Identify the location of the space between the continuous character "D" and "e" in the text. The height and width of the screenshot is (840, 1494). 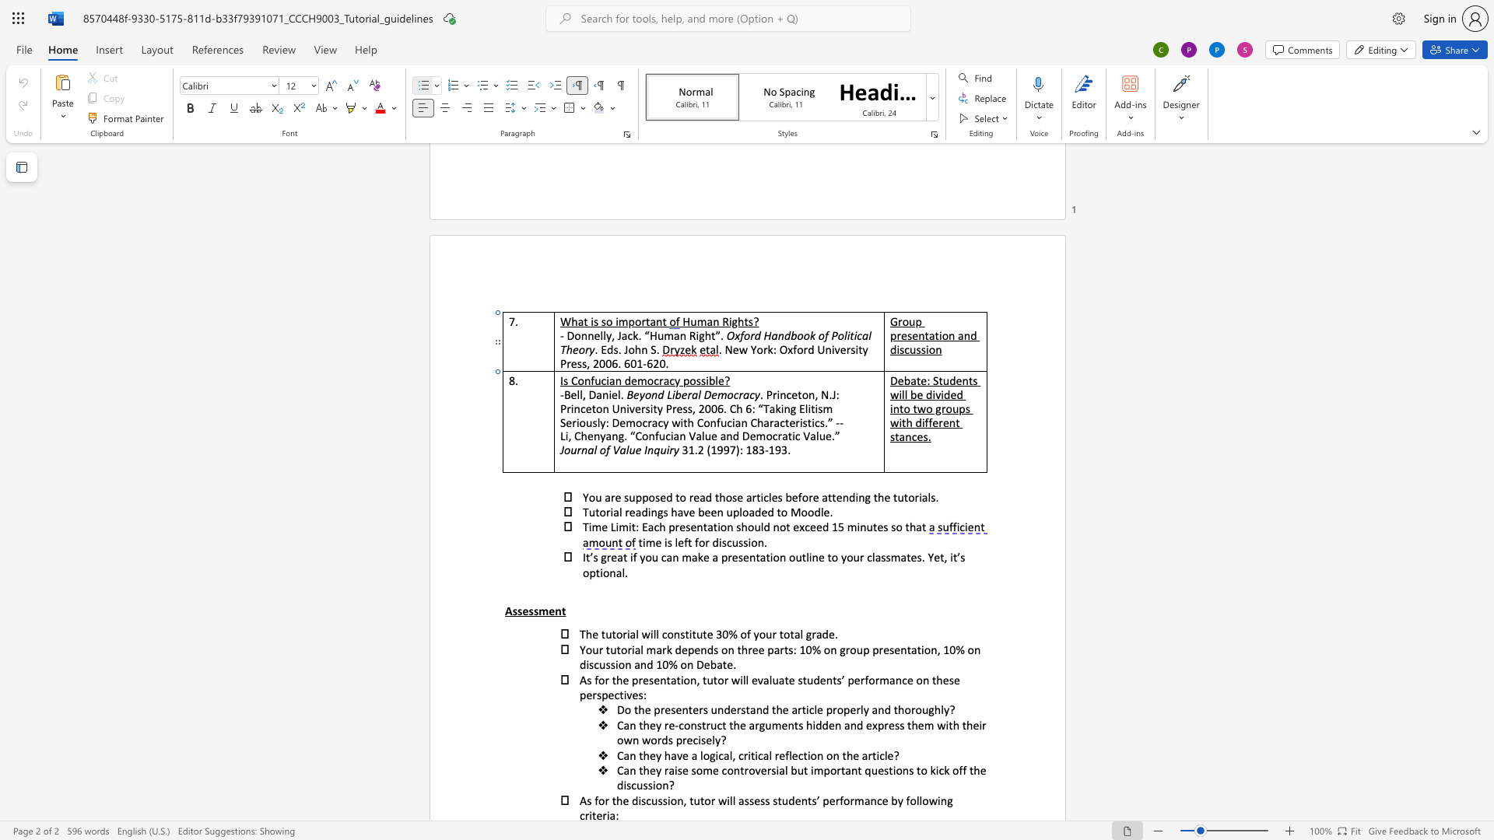
(703, 664).